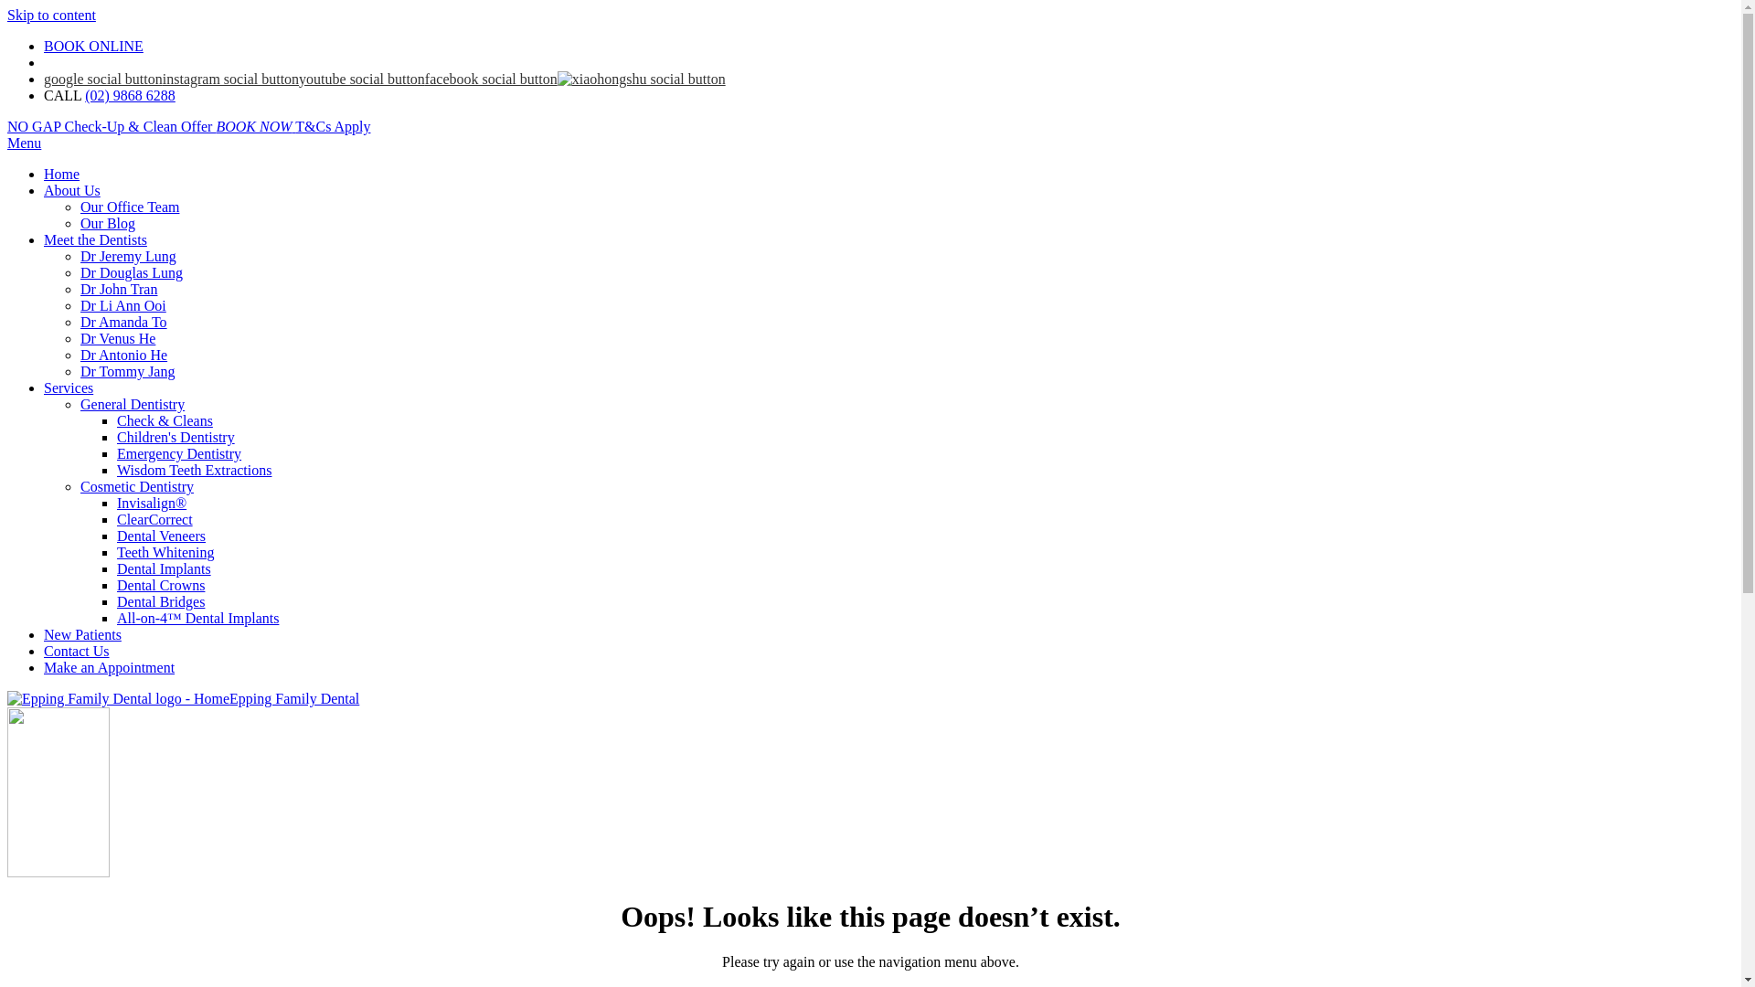  Describe the element at coordinates (116, 452) in the screenshot. I see `'Emergency Dentistry'` at that location.